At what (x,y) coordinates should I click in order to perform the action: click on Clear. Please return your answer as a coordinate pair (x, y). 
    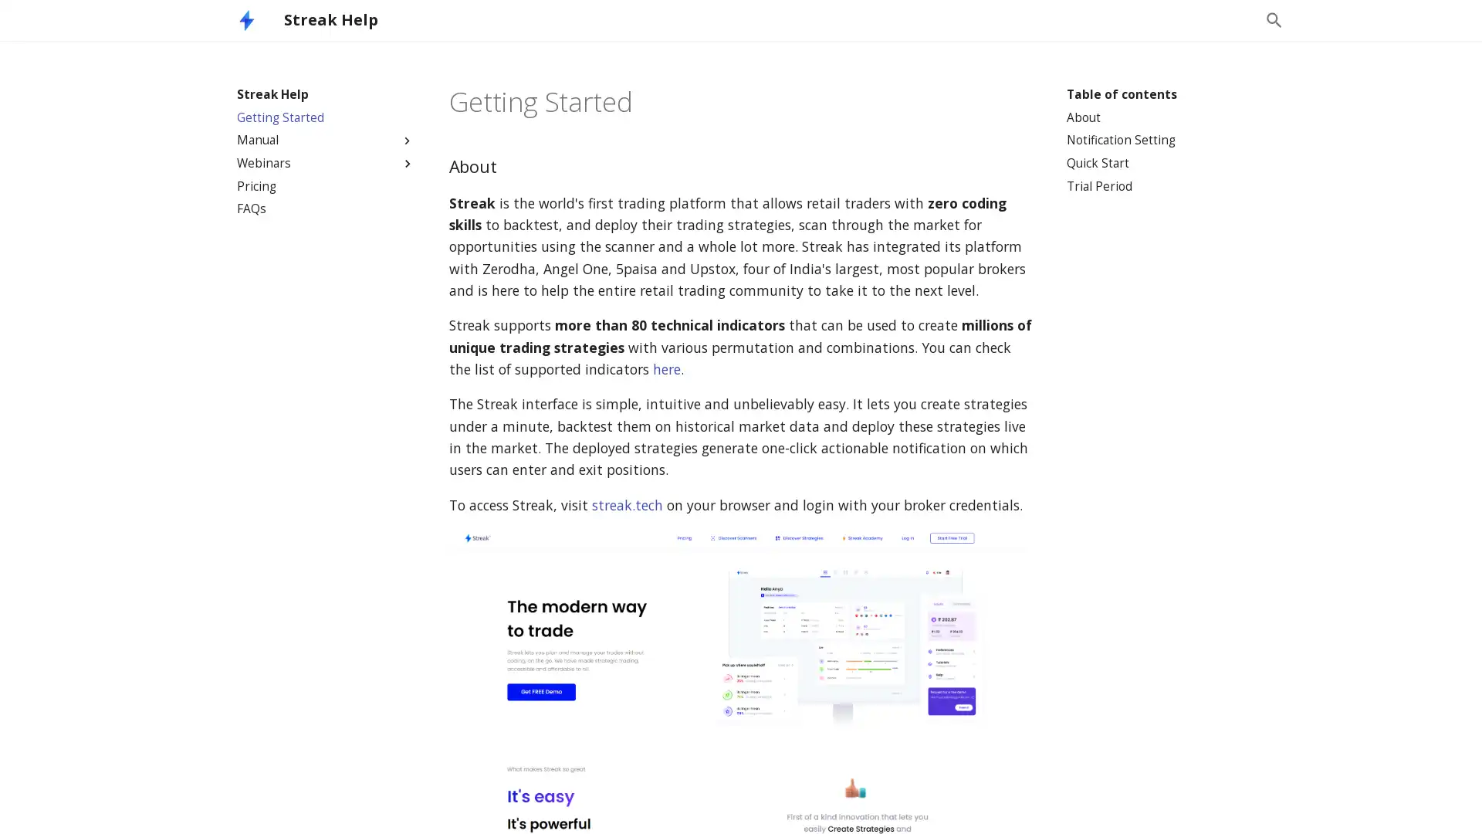
    Looking at the image, I should click on (1237, 20).